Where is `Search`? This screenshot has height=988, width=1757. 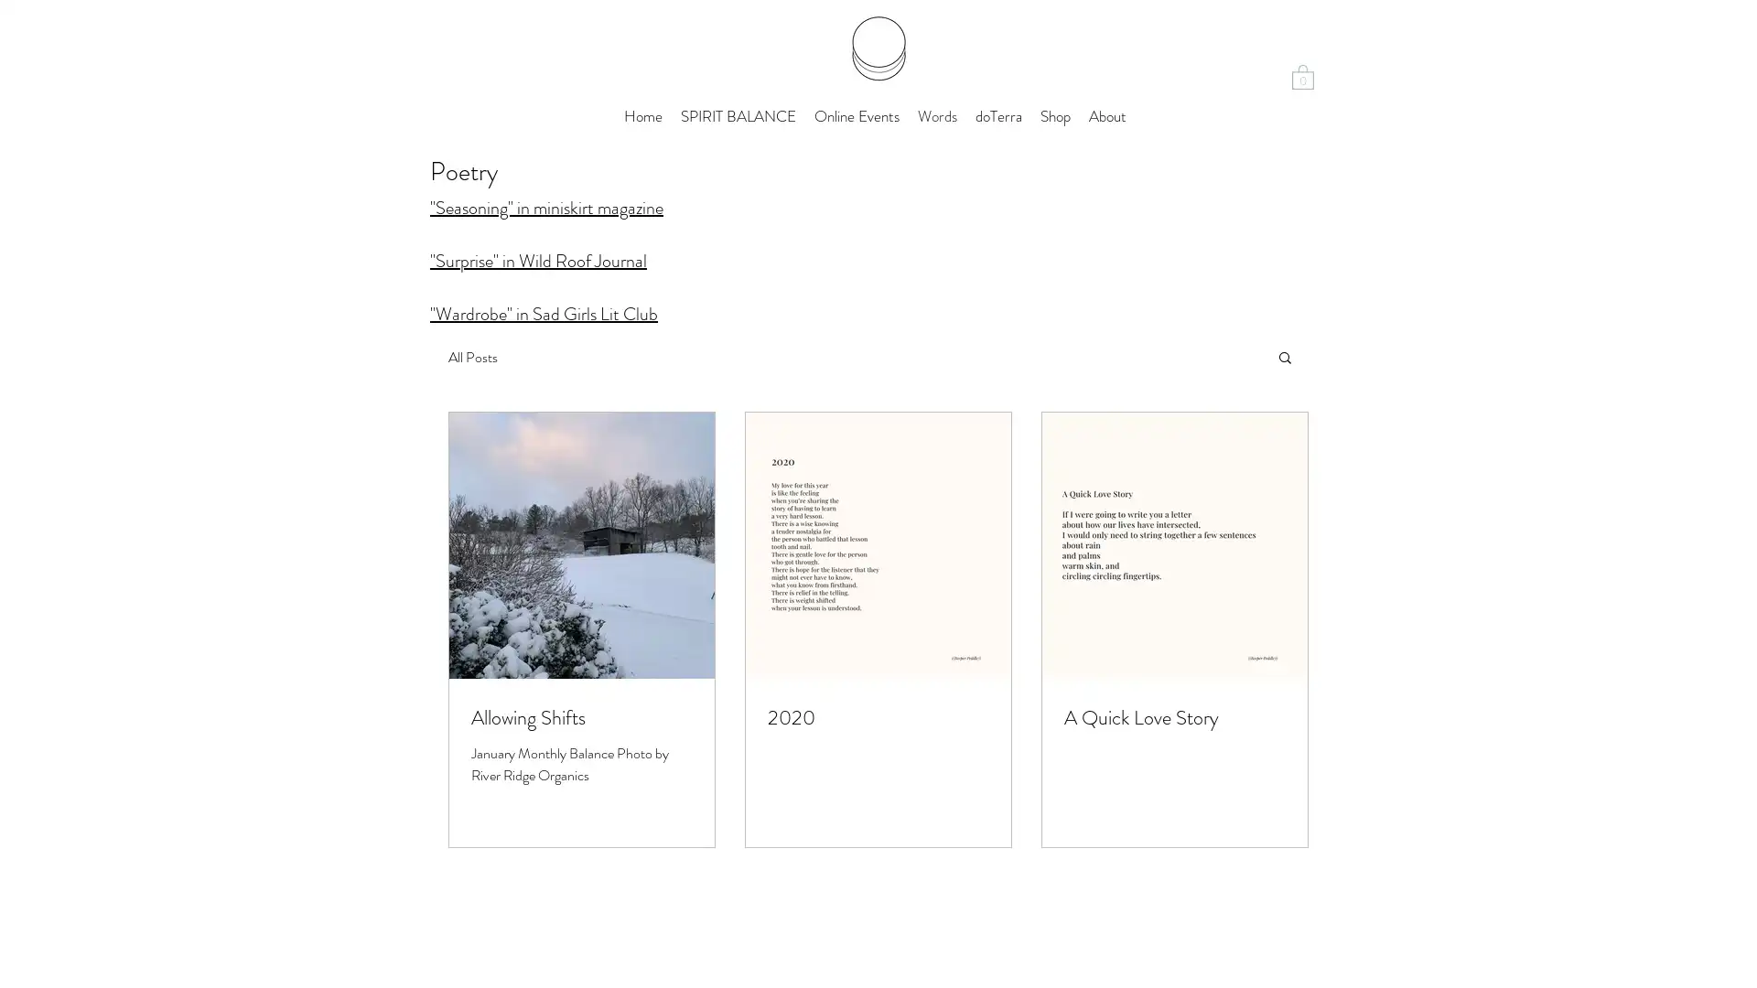
Search is located at coordinates (1284, 359).